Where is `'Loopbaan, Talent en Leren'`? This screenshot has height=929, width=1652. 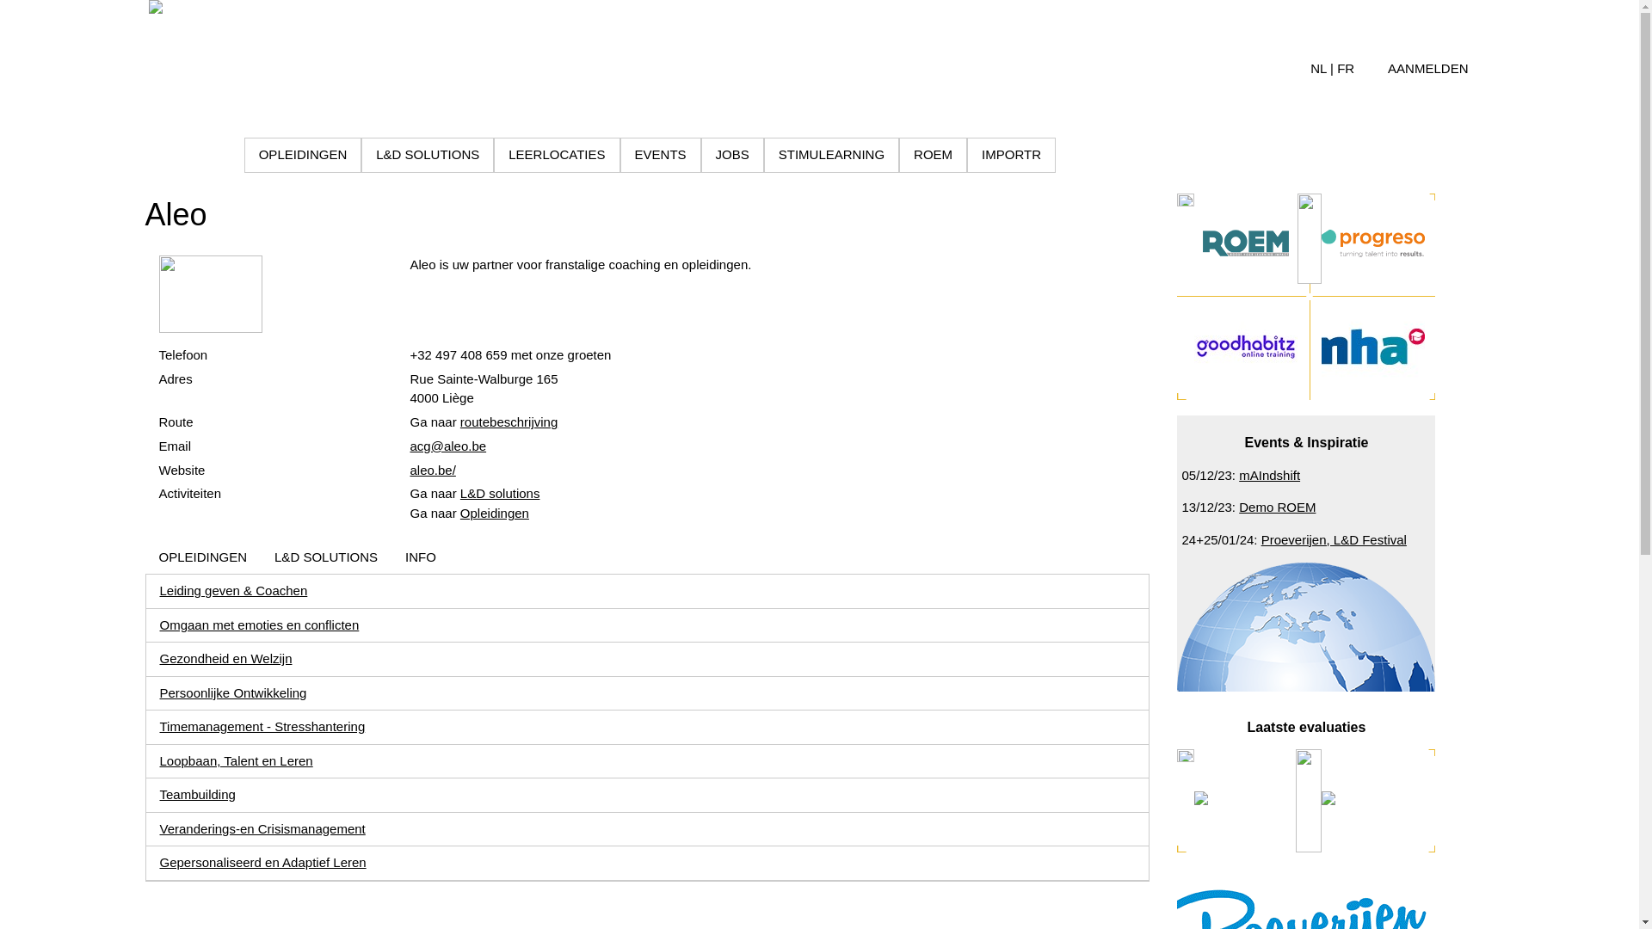 'Loopbaan, Talent en Leren' is located at coordinates (235, 760).